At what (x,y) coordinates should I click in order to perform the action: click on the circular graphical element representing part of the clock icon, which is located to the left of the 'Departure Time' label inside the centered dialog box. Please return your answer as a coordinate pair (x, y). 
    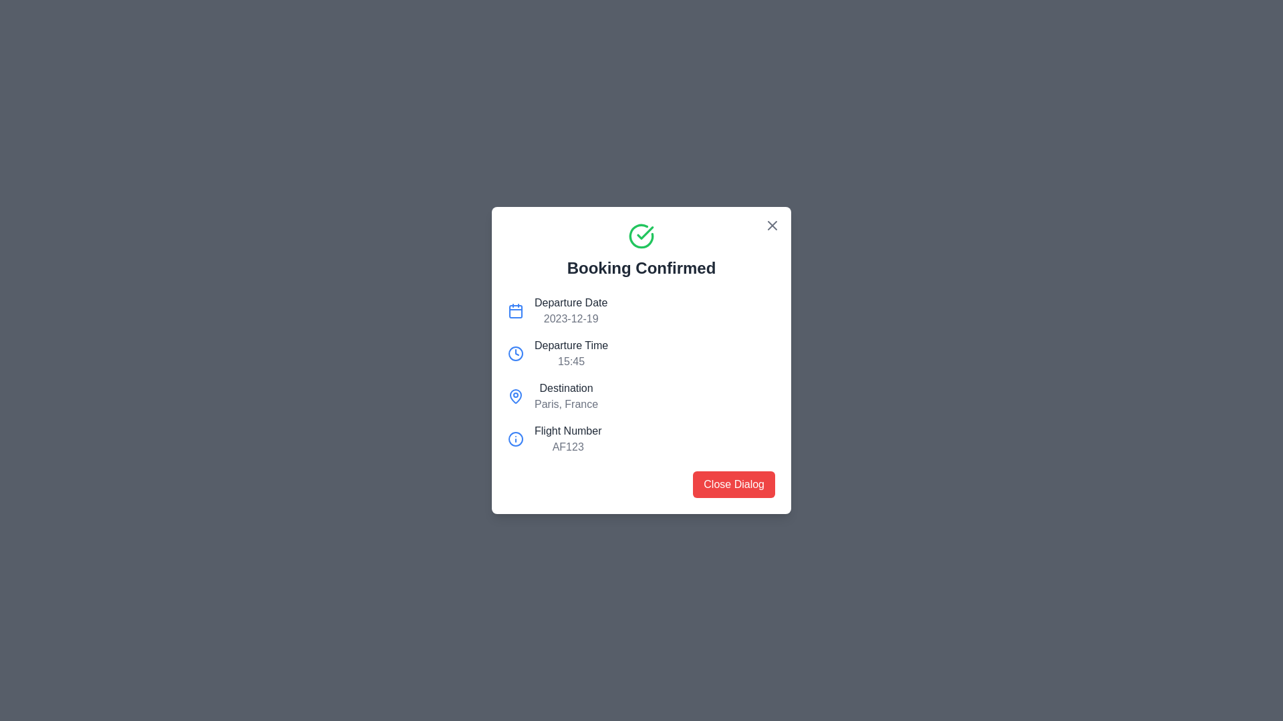
    Looking at the image, I should click on (515, 352).